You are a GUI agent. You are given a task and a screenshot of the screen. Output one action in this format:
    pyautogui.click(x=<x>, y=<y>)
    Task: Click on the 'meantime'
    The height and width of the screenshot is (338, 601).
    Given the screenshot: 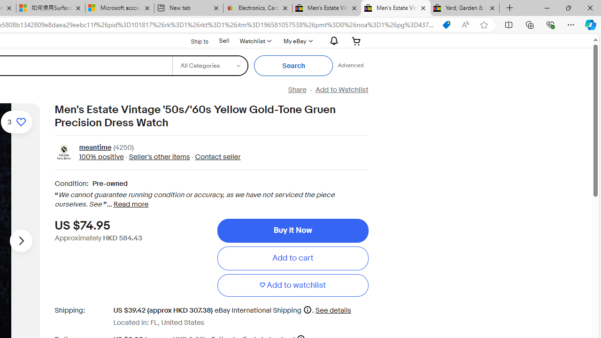 What is the action you would take?
    pyautogui.click(x=95, y=148)
    